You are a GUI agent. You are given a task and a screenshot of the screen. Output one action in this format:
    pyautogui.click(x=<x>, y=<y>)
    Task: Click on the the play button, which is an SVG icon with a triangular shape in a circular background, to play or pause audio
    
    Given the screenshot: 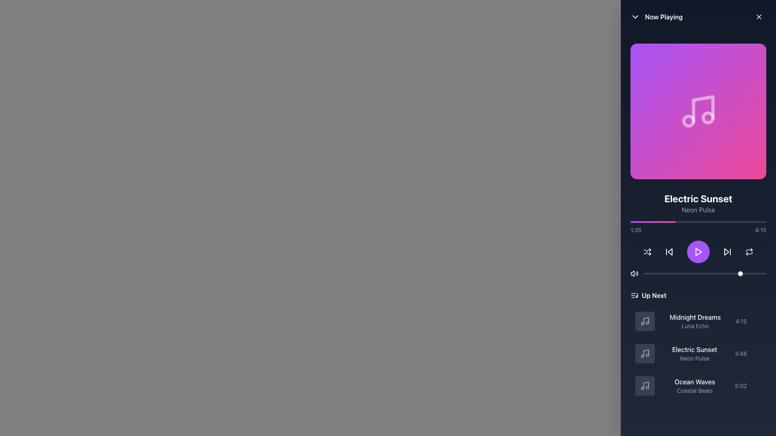 What is the action you would take?
    pyautogui.click(x=698, y=252)
    